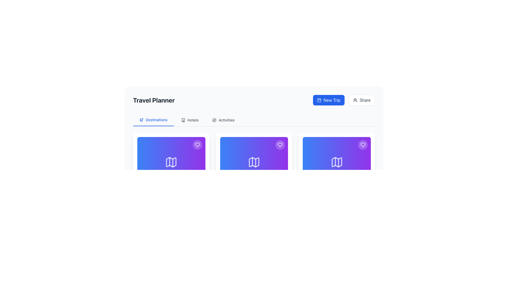 The image size is (505, 284). What do you see at coordinates (141, 120) in the screenshot?
I see `the sleek blue airplane icon located in the navigation bar near the top center of the interface` at bounding box center [141, 120].